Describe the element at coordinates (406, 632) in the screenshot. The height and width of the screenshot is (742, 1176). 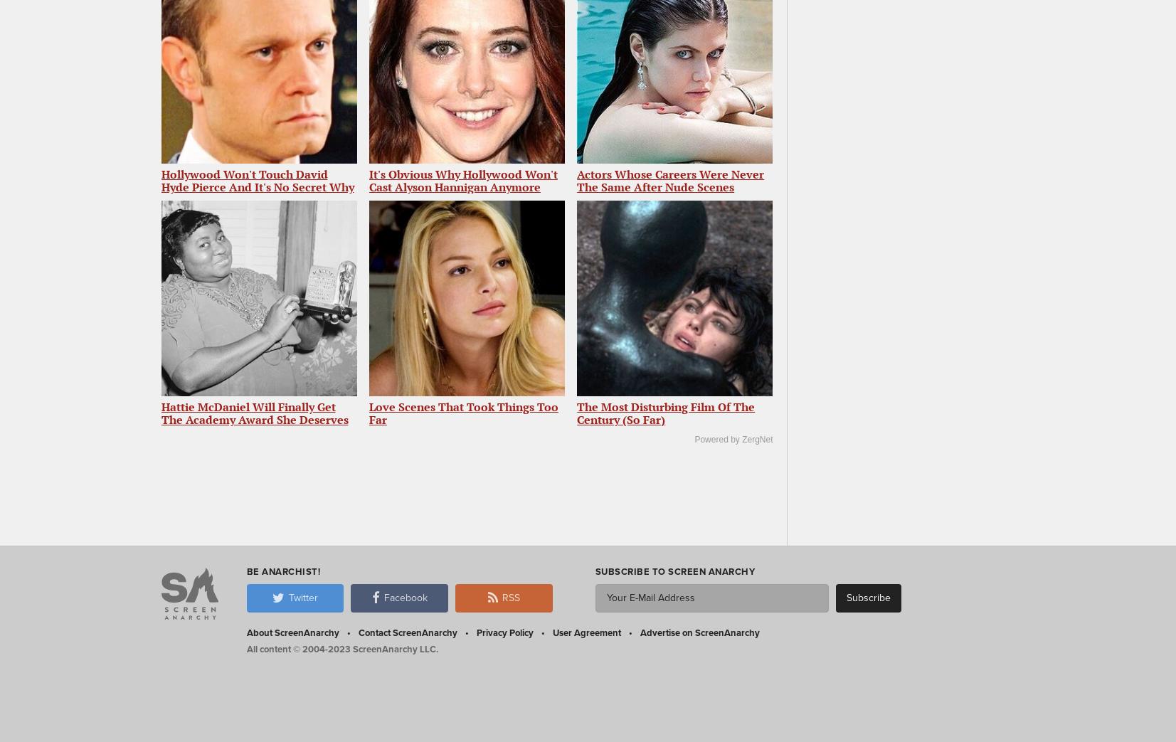
I see `'Contact ScreenAnarchy'` at that location.